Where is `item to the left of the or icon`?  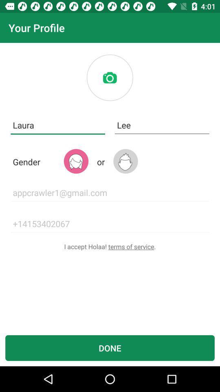 item to the left of the or icon is located at coordinates (76, 161).